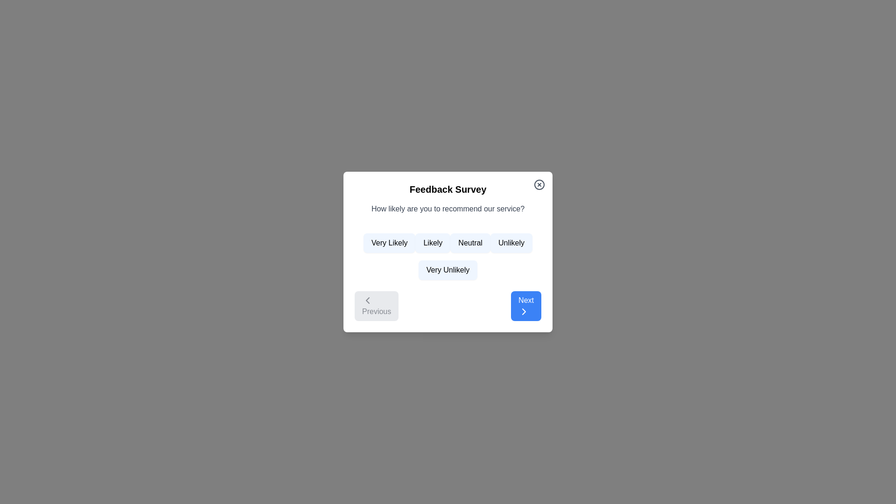 This screenshot has height=504, width=896. I want to click on the disabled 'Previous' button located at the bottom left of the modal dialog, which is the leftmost button in a pair of navigation buttons, so click(377, 306).